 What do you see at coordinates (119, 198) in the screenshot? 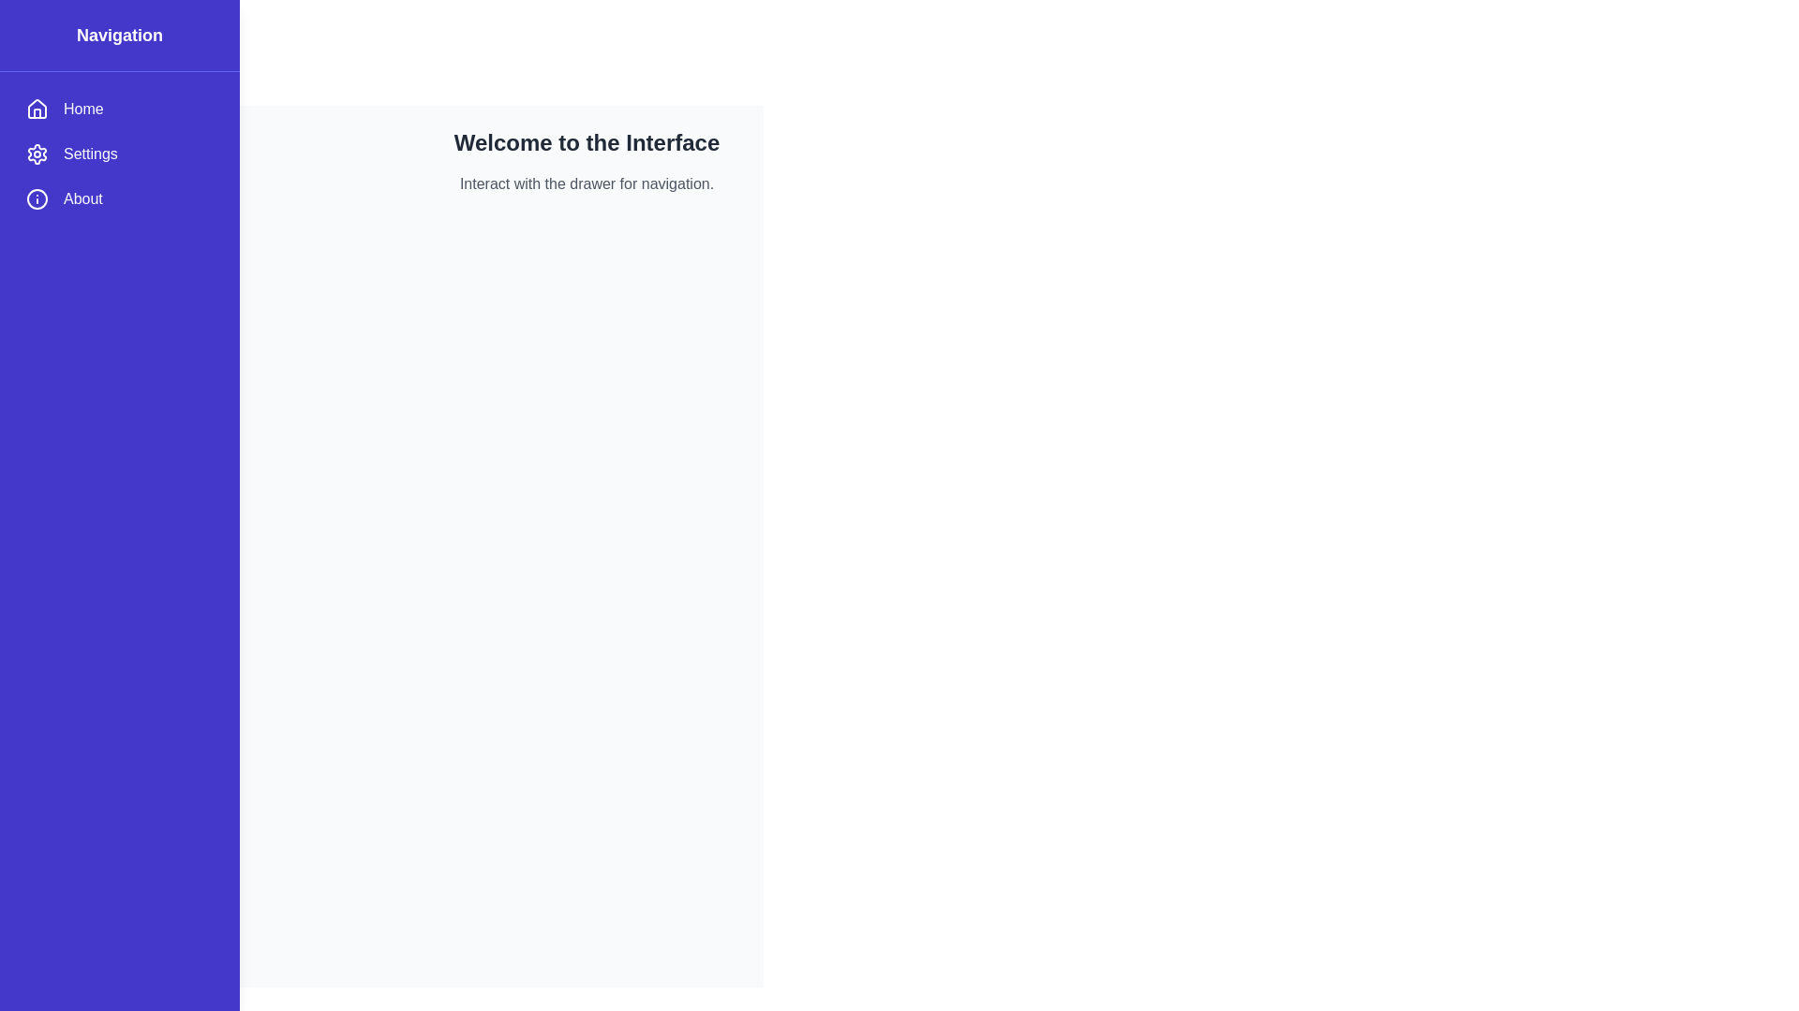
I see `the menu item About` at bounding box center [119, 198].